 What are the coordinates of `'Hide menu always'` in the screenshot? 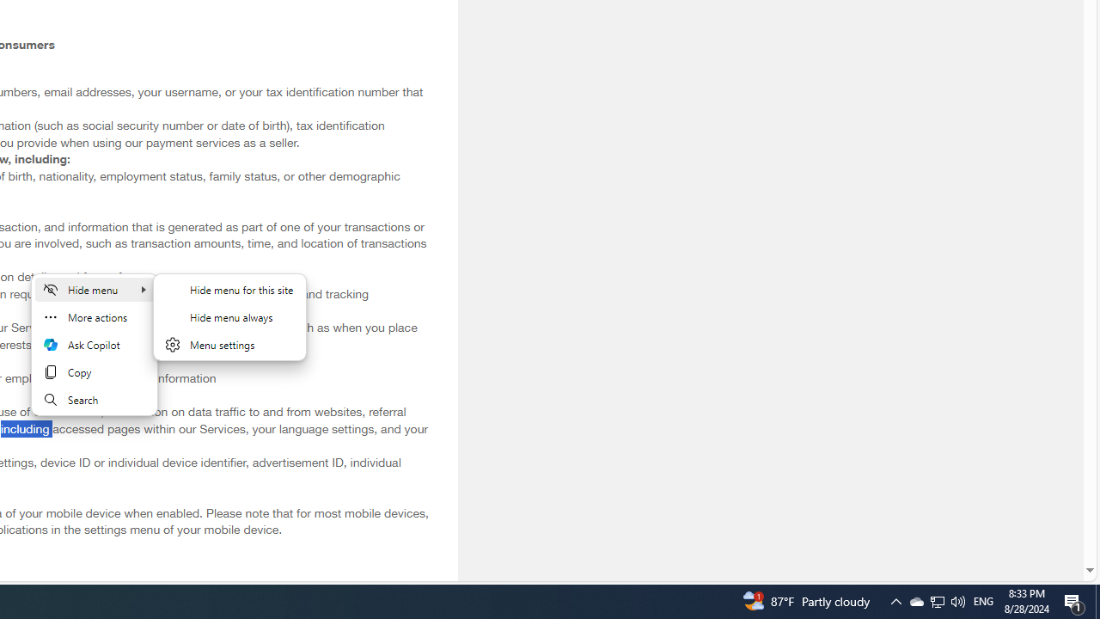 It's located at (229, 316).